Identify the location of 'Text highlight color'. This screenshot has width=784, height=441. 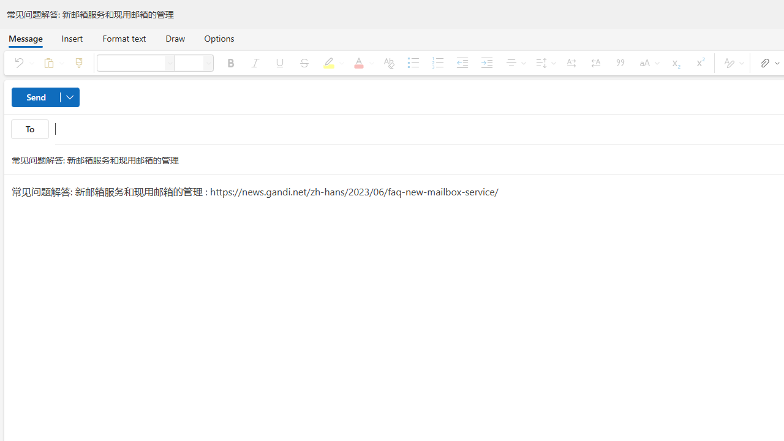
(331, 62).